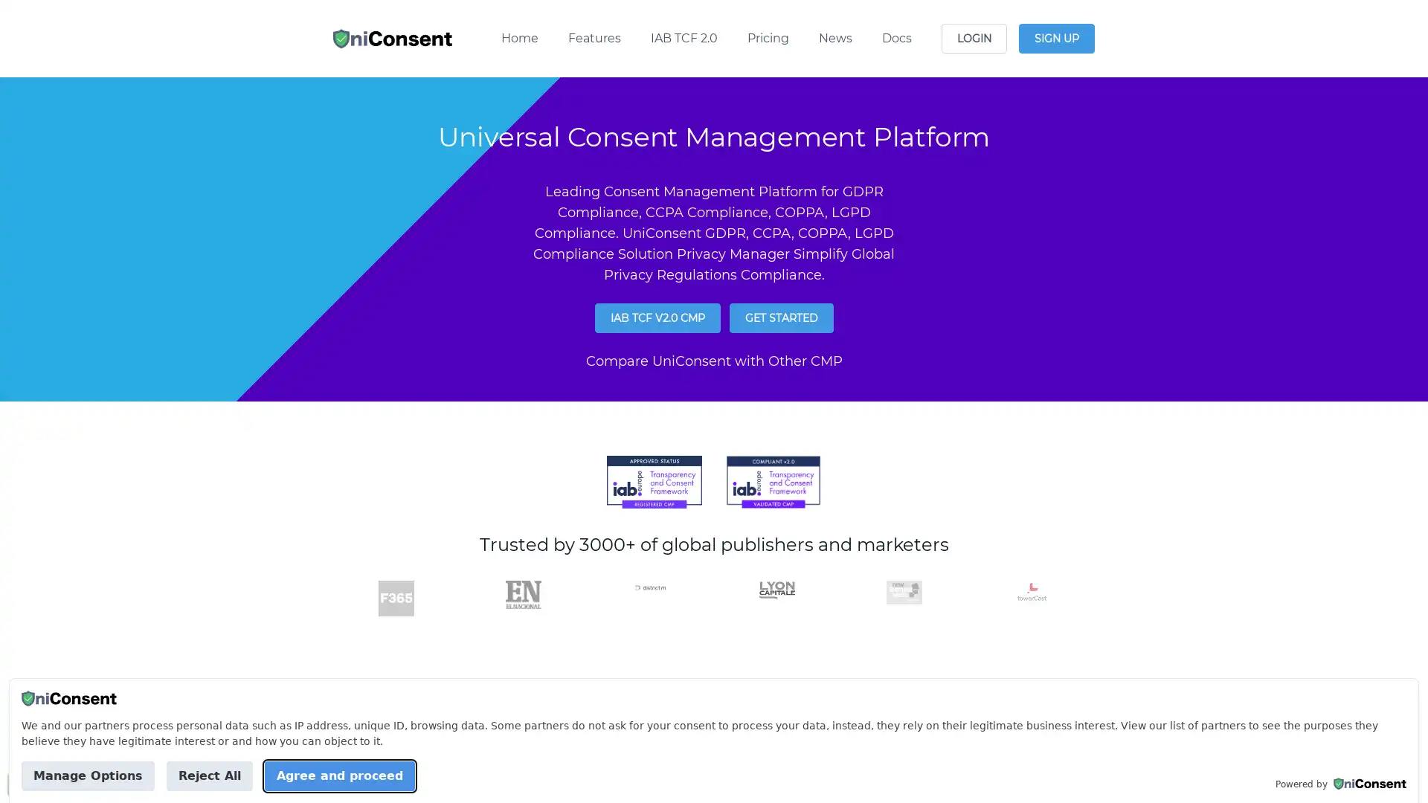  What do you see at coordinates (87, 775) in the screenshot?
I see `Manage Options` at bounding box center [87, 775].